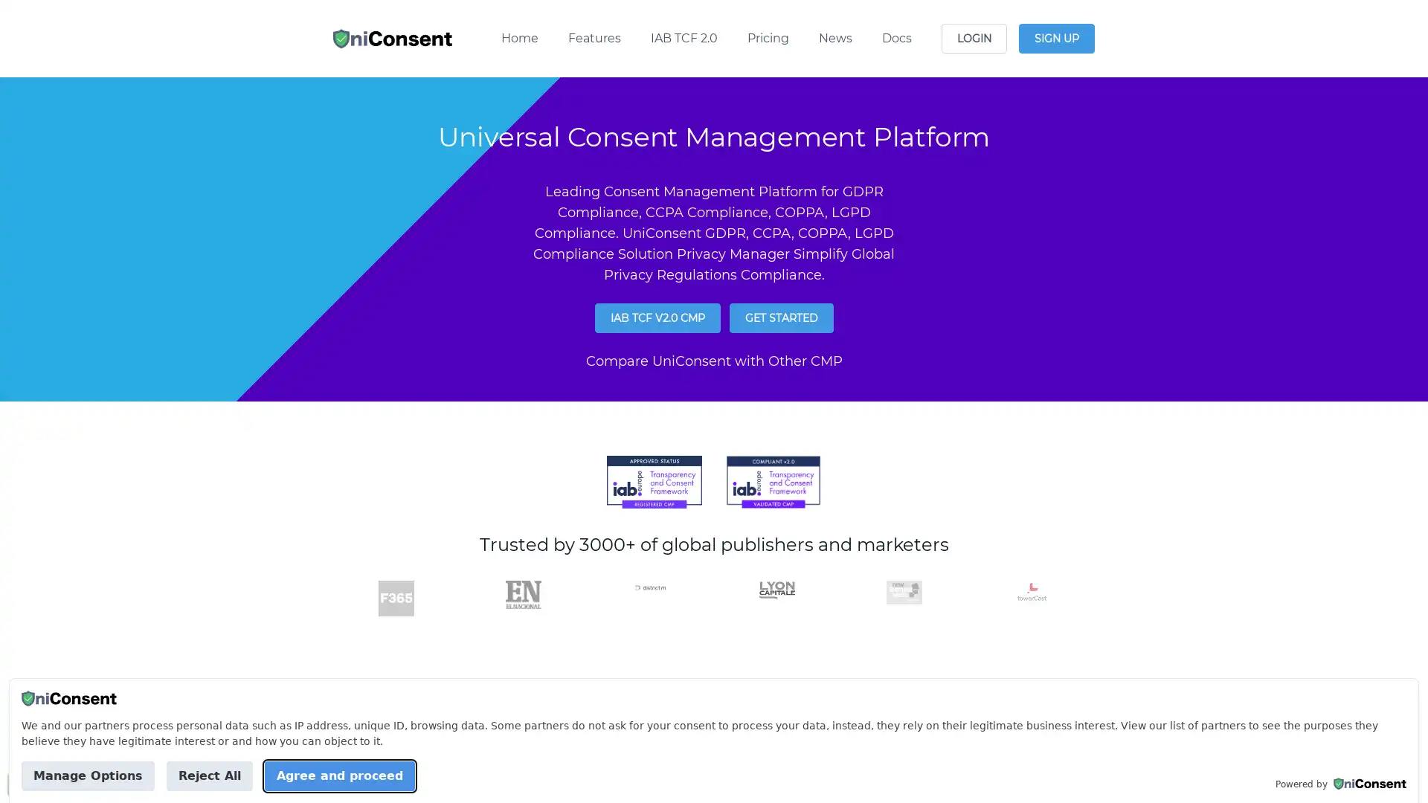  What do you see at coordinates (87, 775) in the screenshot?
I see `Manage Options` at bounding box center [87, 775].